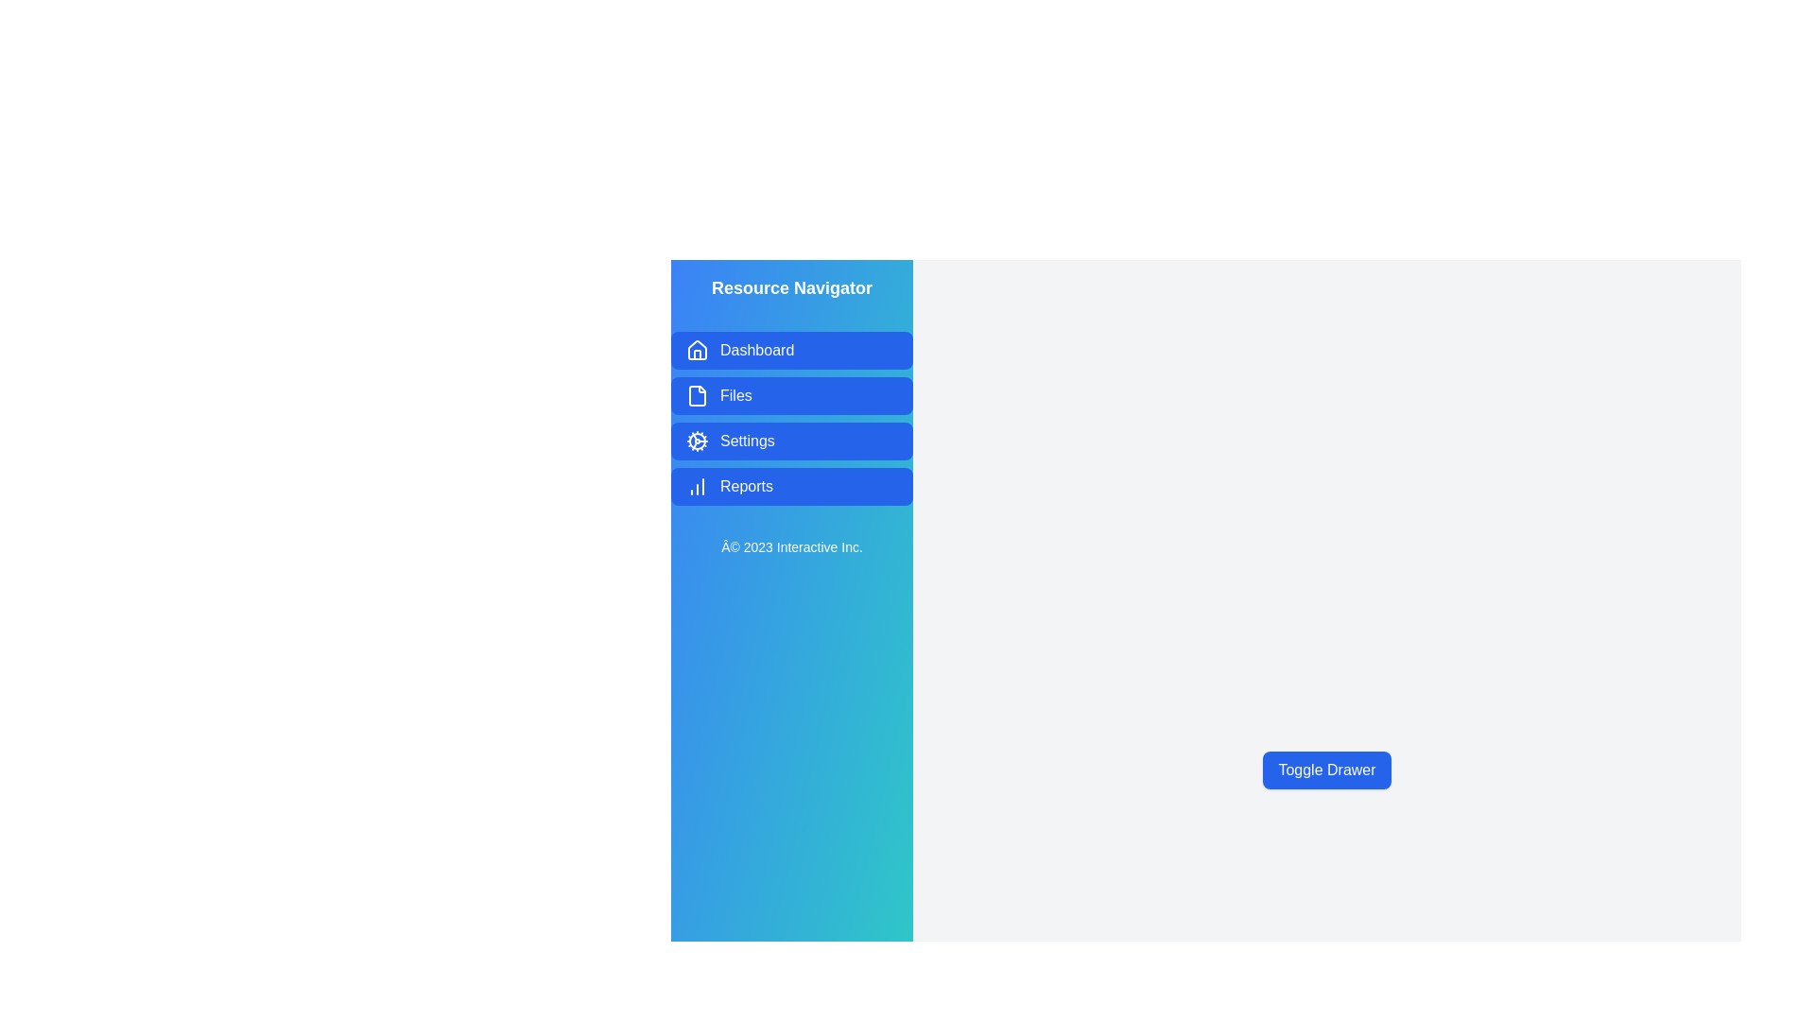 This screenshot has width=1815, height=1021. I want to click on the navigation item labeled Settings, so click(792, 441).